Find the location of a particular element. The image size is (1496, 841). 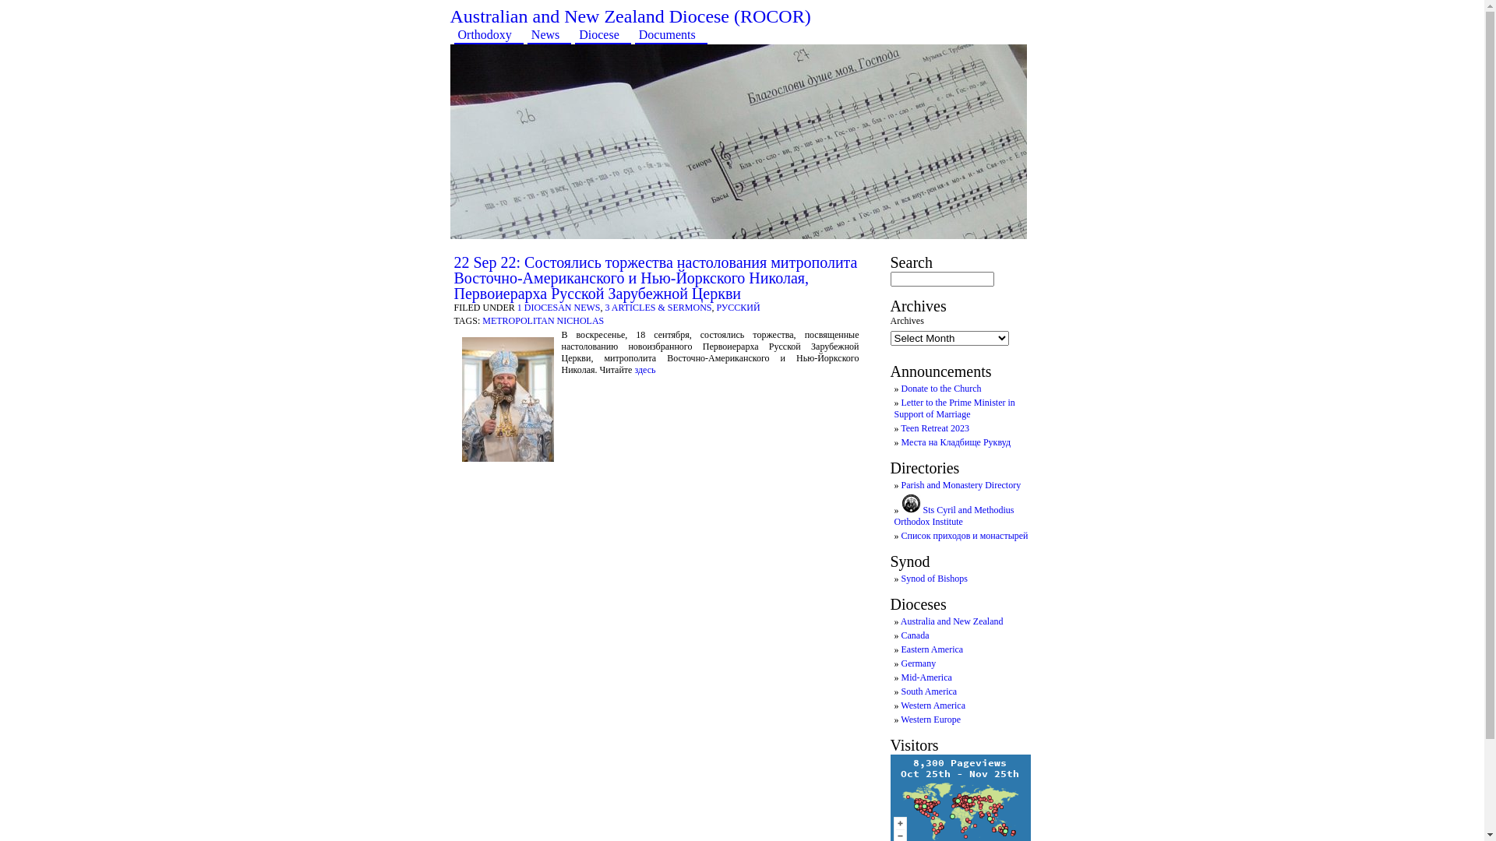

'South America' is located at coordinates (928, 690).